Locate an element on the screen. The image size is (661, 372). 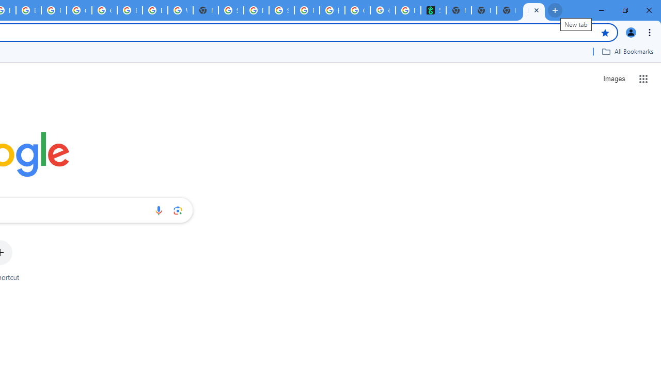
'Sign in - Google Accounts' is located at coordinates (230, 10).